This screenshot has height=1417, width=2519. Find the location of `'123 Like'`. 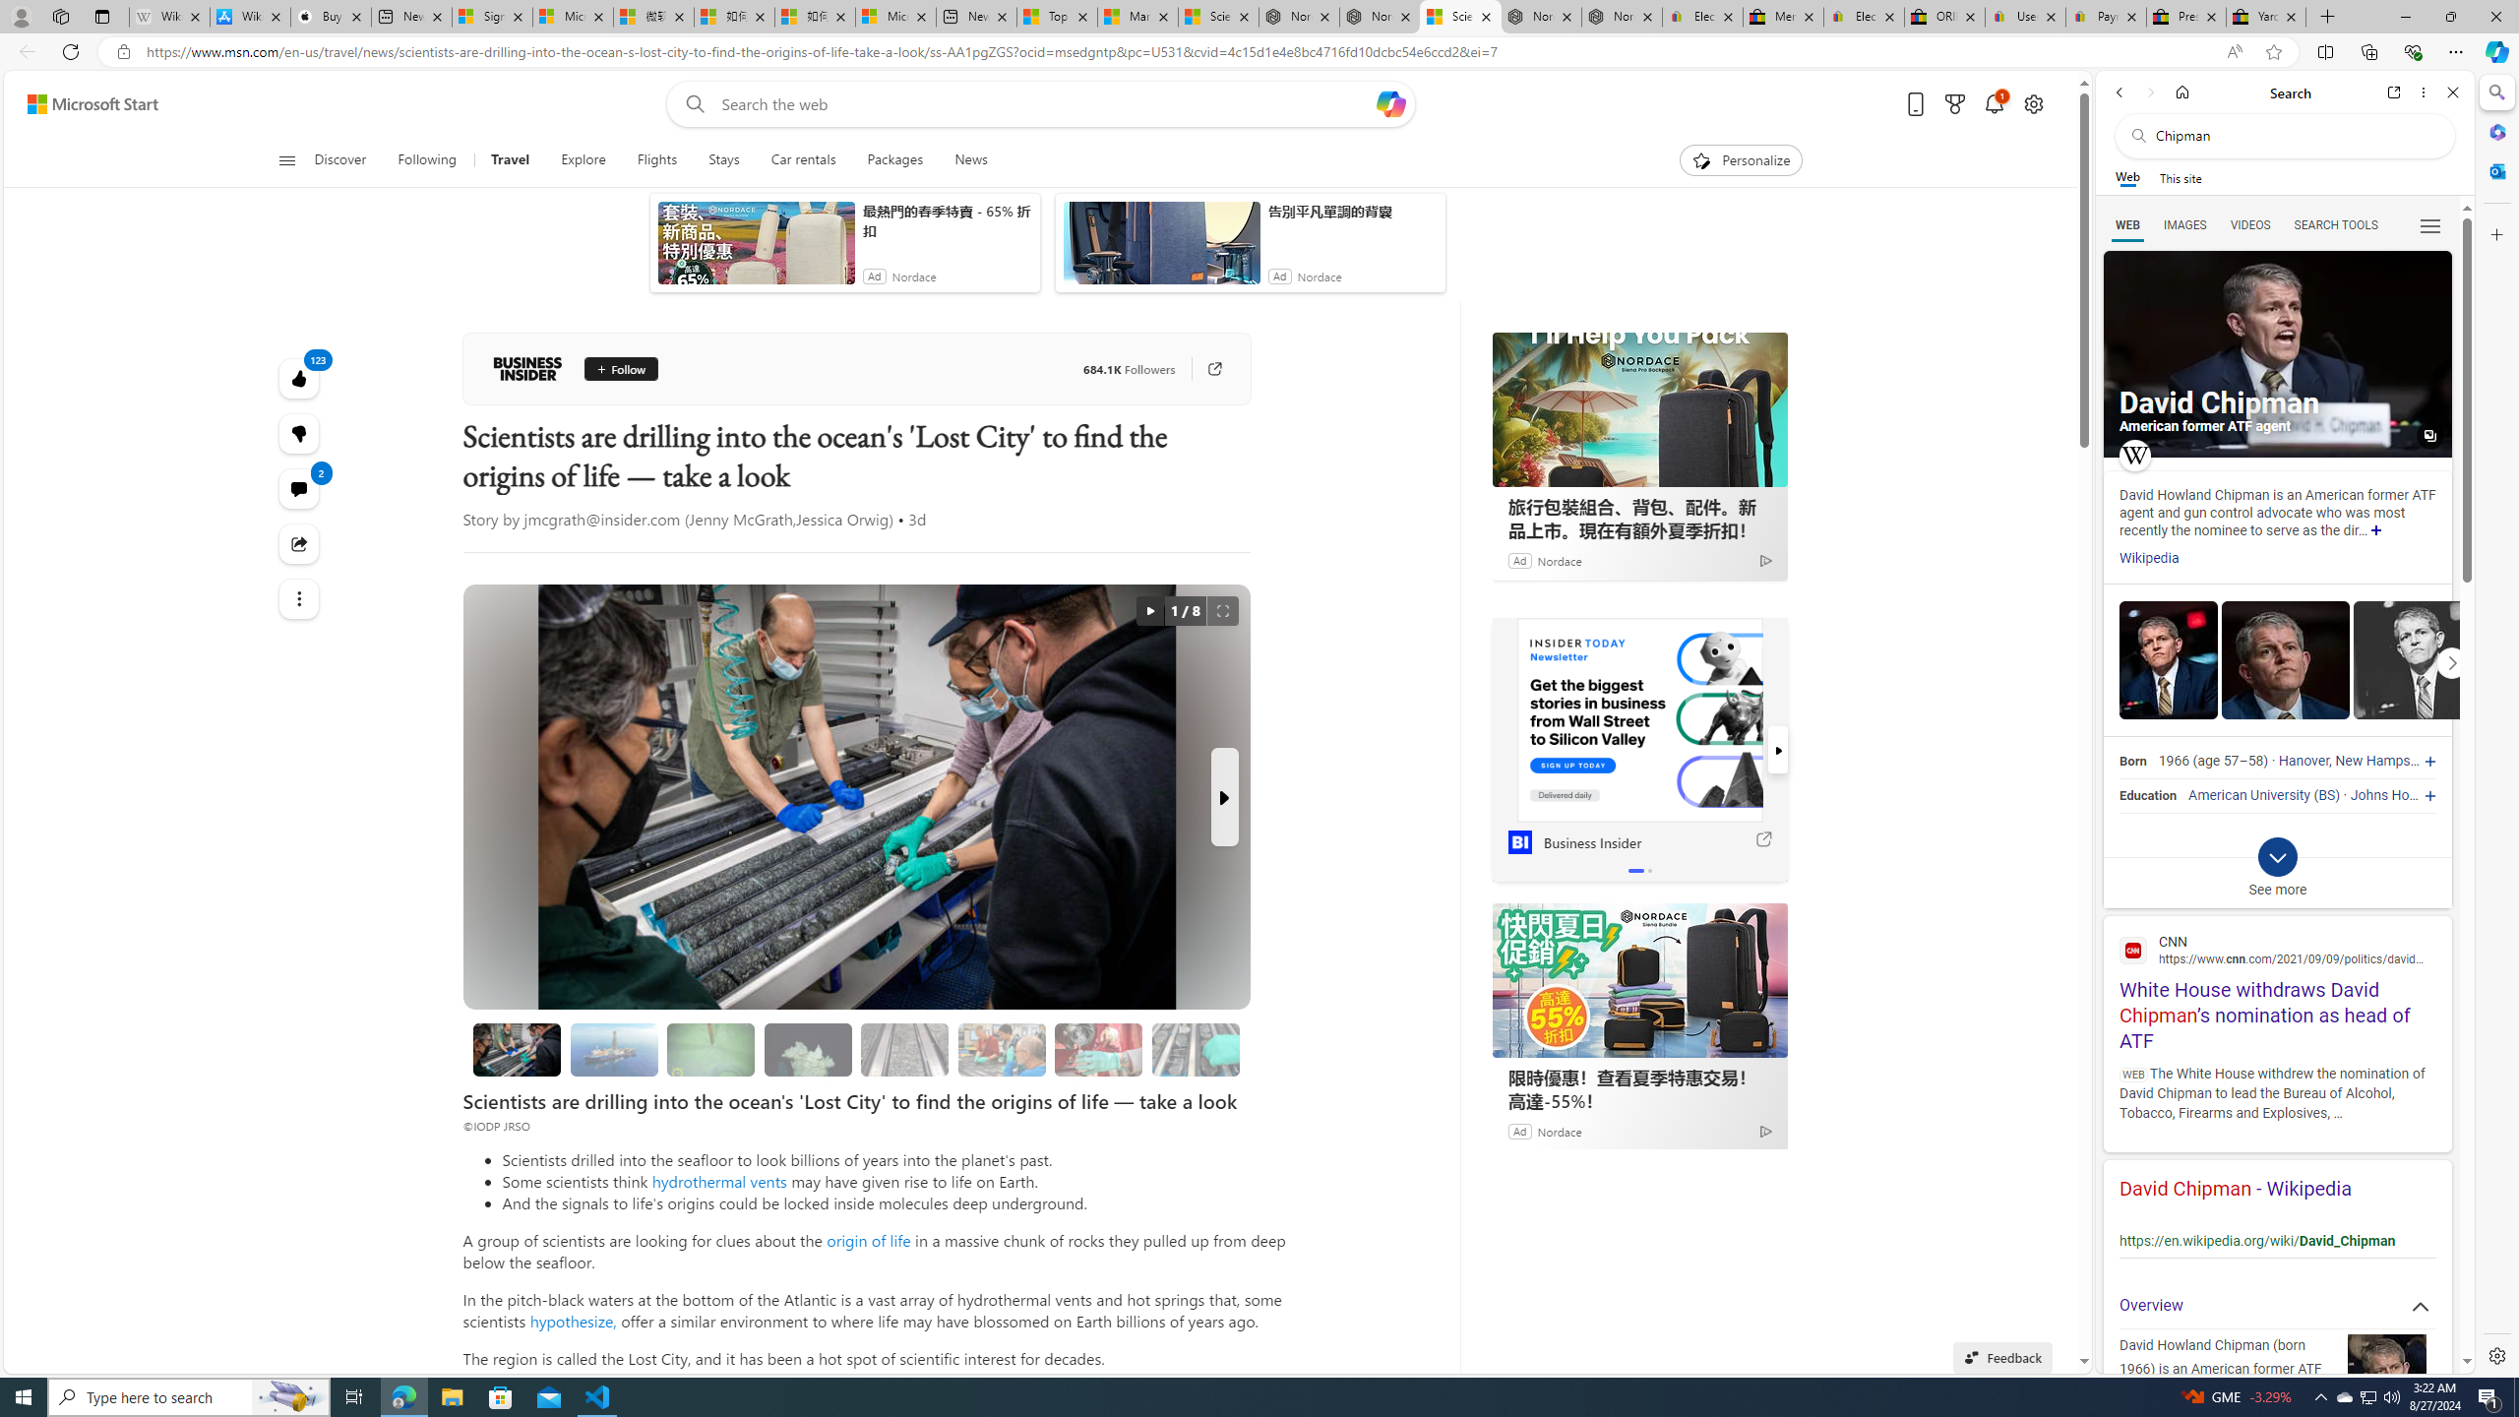

'123 Like' is located at coordinates (298, 377).